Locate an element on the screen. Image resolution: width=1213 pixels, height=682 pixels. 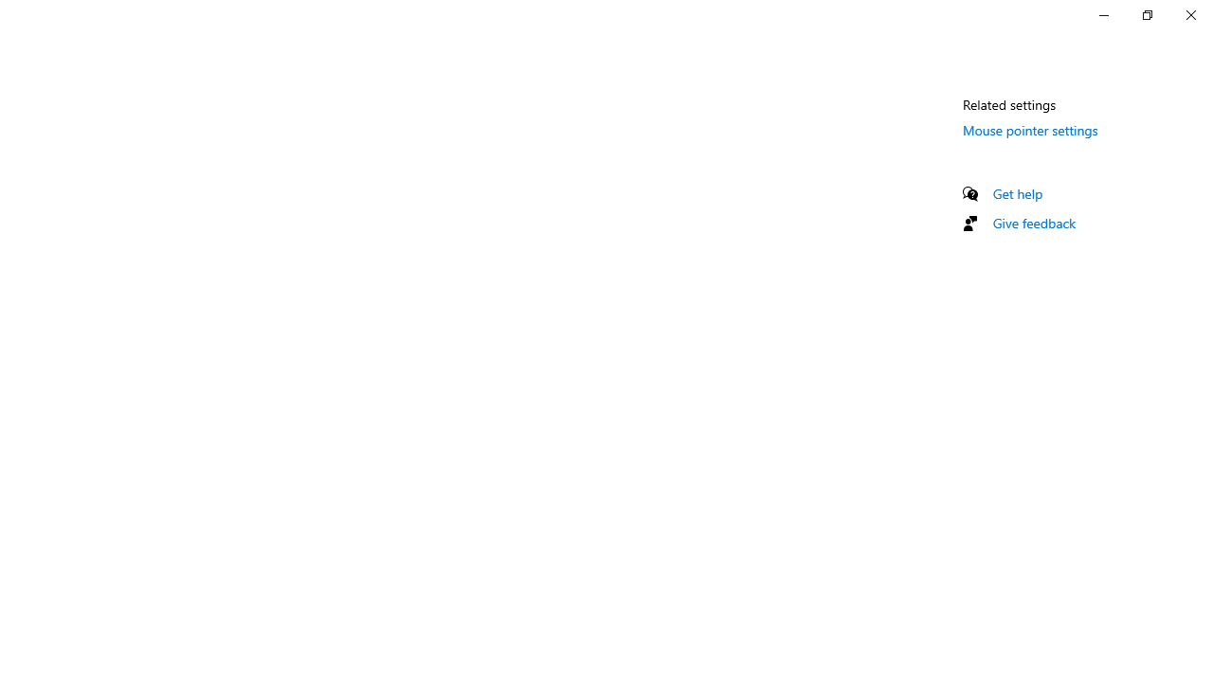
'Get help' is located at coordinates (1017, 193).